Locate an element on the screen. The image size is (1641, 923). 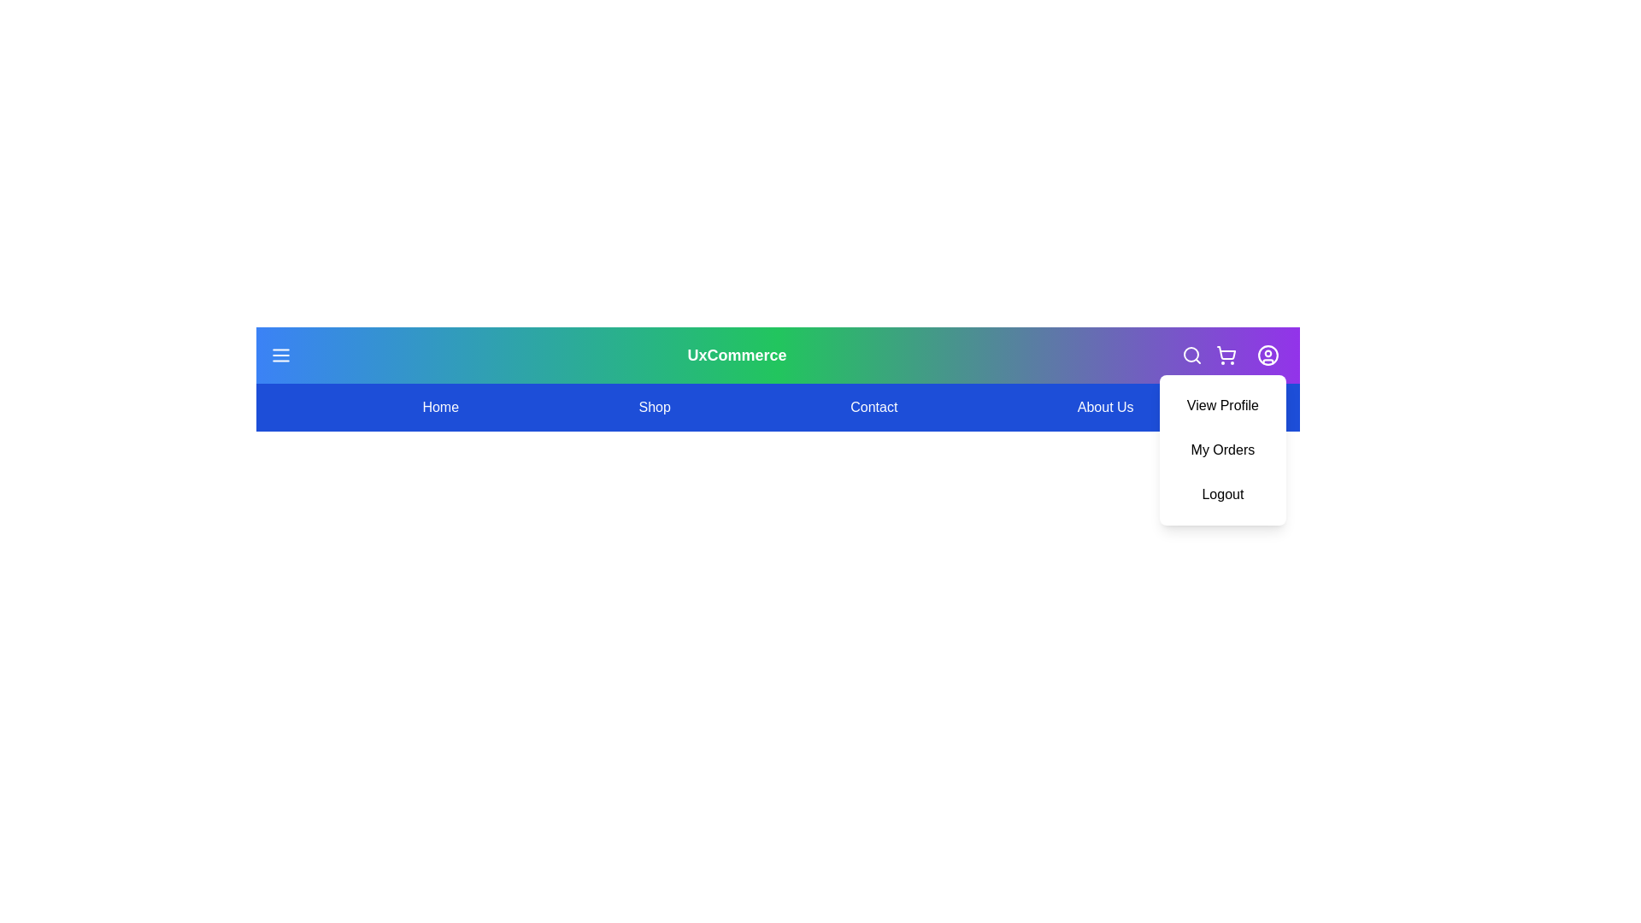
the profile option My Orders from the dropdown menu is located at coordinates (1221, 450).